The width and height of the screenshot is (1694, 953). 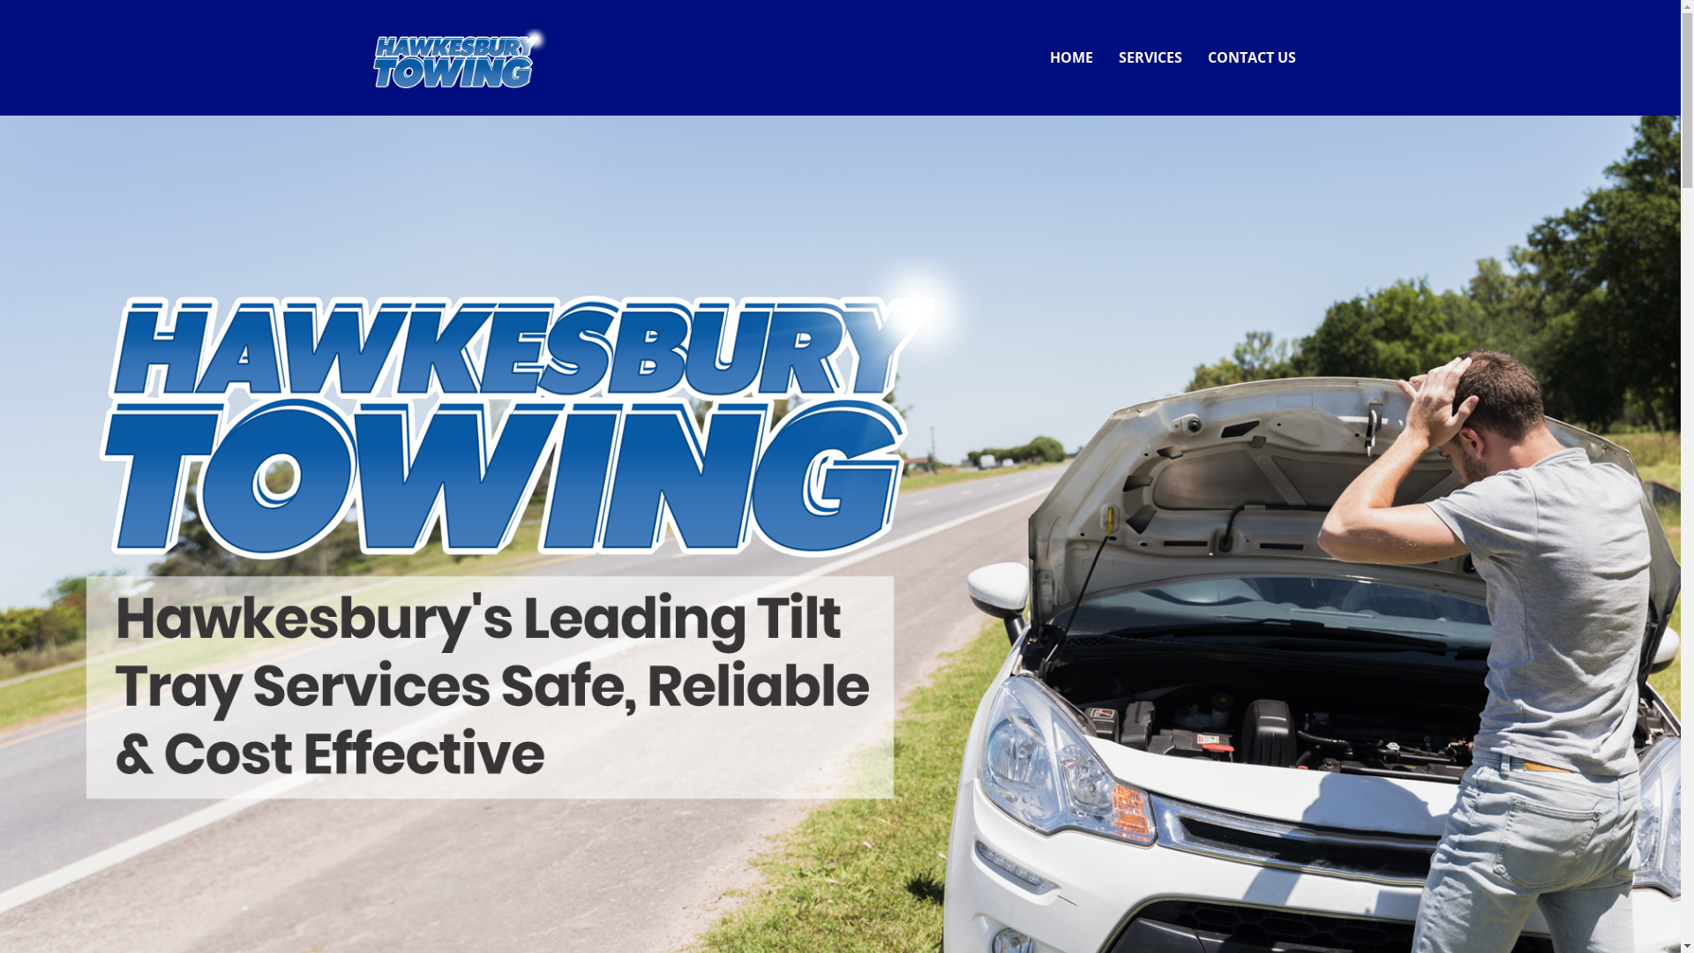 I want to click on 'logo', so click(x=371, y=56).